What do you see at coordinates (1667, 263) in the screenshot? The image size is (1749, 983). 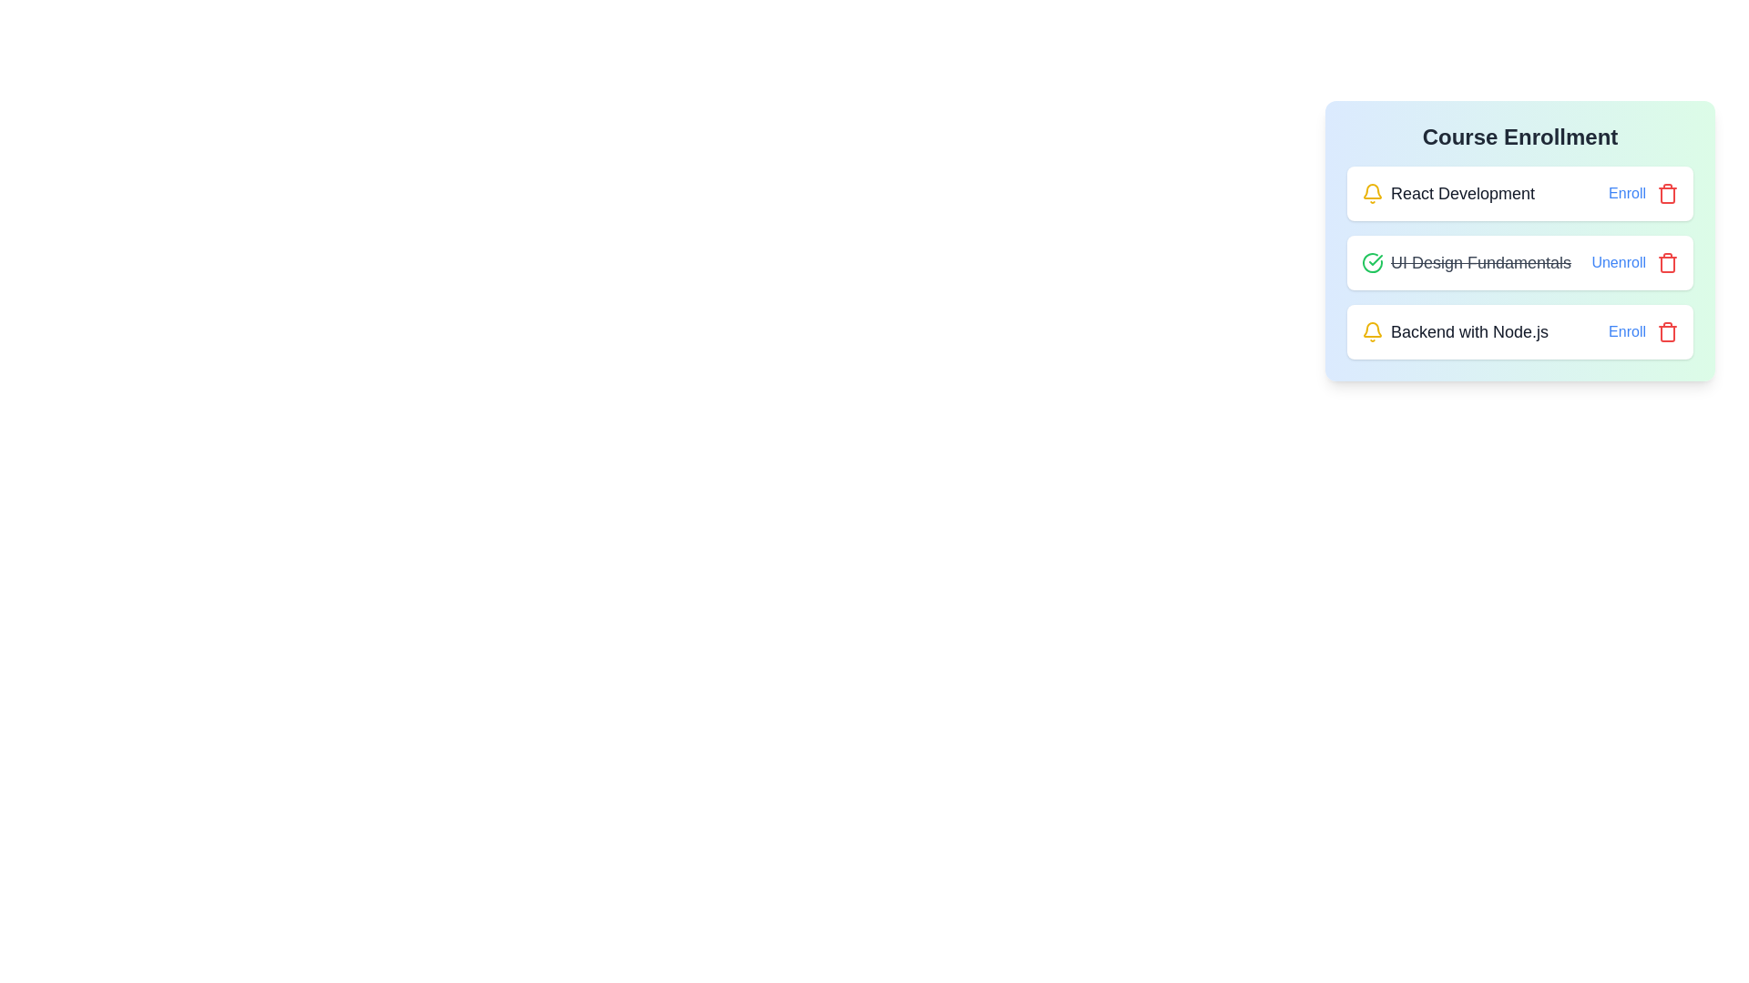 I see `the remove button for the course UI Design Fundamentals` at bounding box center [1667, 263].